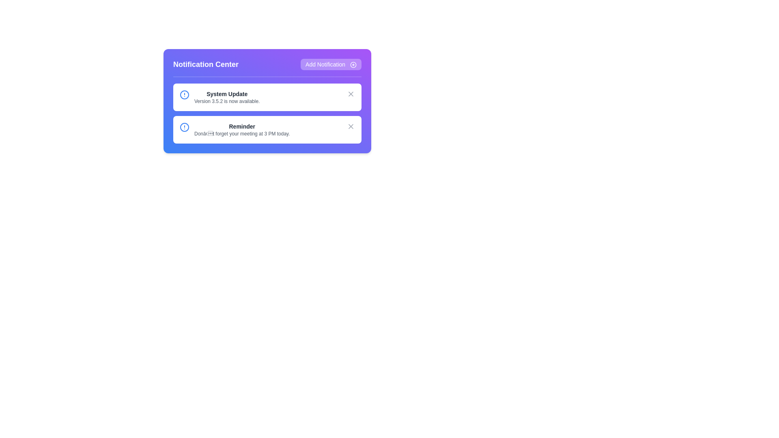  What do you see at coordinates (351, 93) in the screenshot?
I see `the close button icon of the 'System Update' notification` at bounding box center [351, 93].